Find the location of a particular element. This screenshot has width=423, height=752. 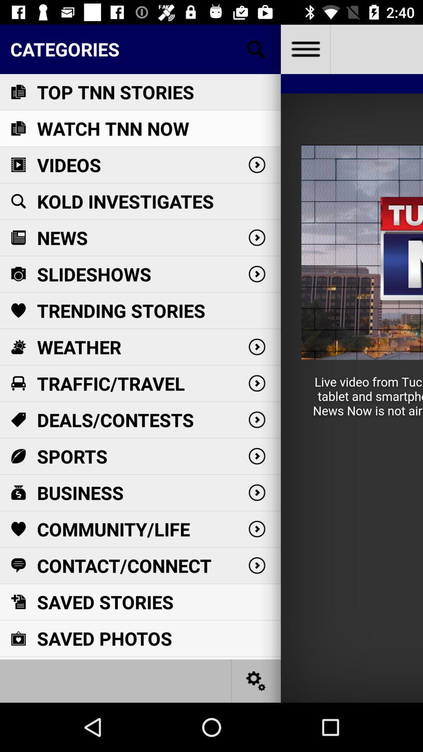

the saved photos icon is located at coordinates (18, 638).